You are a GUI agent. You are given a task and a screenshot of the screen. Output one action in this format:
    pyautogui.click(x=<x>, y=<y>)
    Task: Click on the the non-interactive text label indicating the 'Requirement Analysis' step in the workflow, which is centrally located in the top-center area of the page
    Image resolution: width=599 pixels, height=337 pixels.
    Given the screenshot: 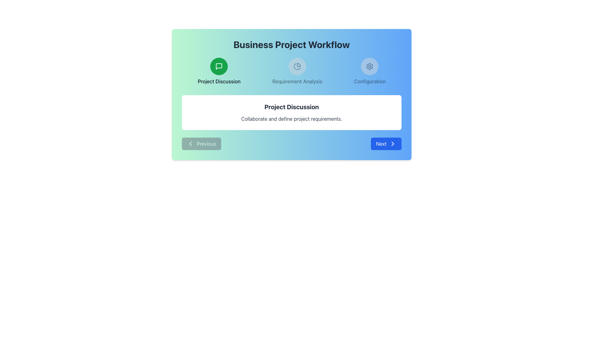 What is the action you would take?
    pyautogui.click(x=297, y=81)
    